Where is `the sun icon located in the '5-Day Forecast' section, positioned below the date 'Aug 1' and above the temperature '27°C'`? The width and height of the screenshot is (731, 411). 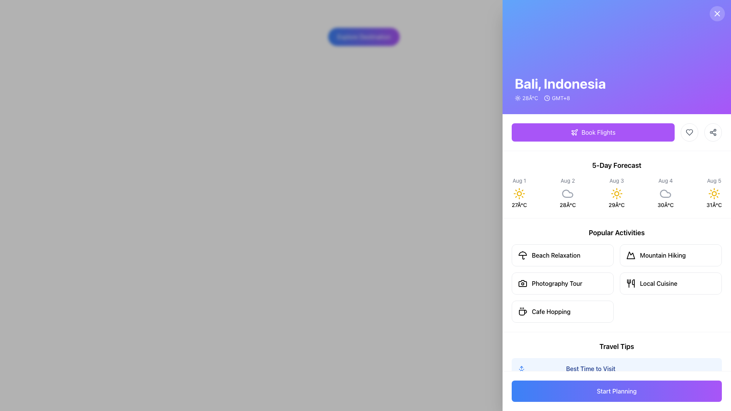 the sun icon located in the '5-Day Forecast' section, positioned below the date 'Aug 1' and above the temperature '27°C' is located at coordinates (519, 193).